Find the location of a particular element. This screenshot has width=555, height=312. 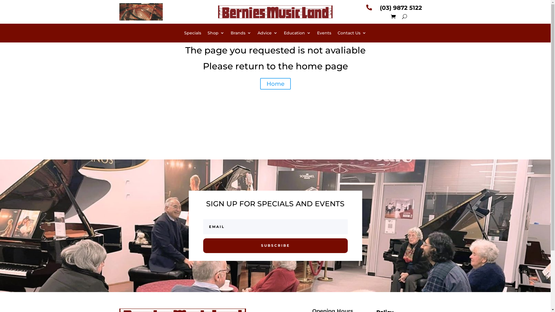

'Specials' is located at coordinates (193, 34).